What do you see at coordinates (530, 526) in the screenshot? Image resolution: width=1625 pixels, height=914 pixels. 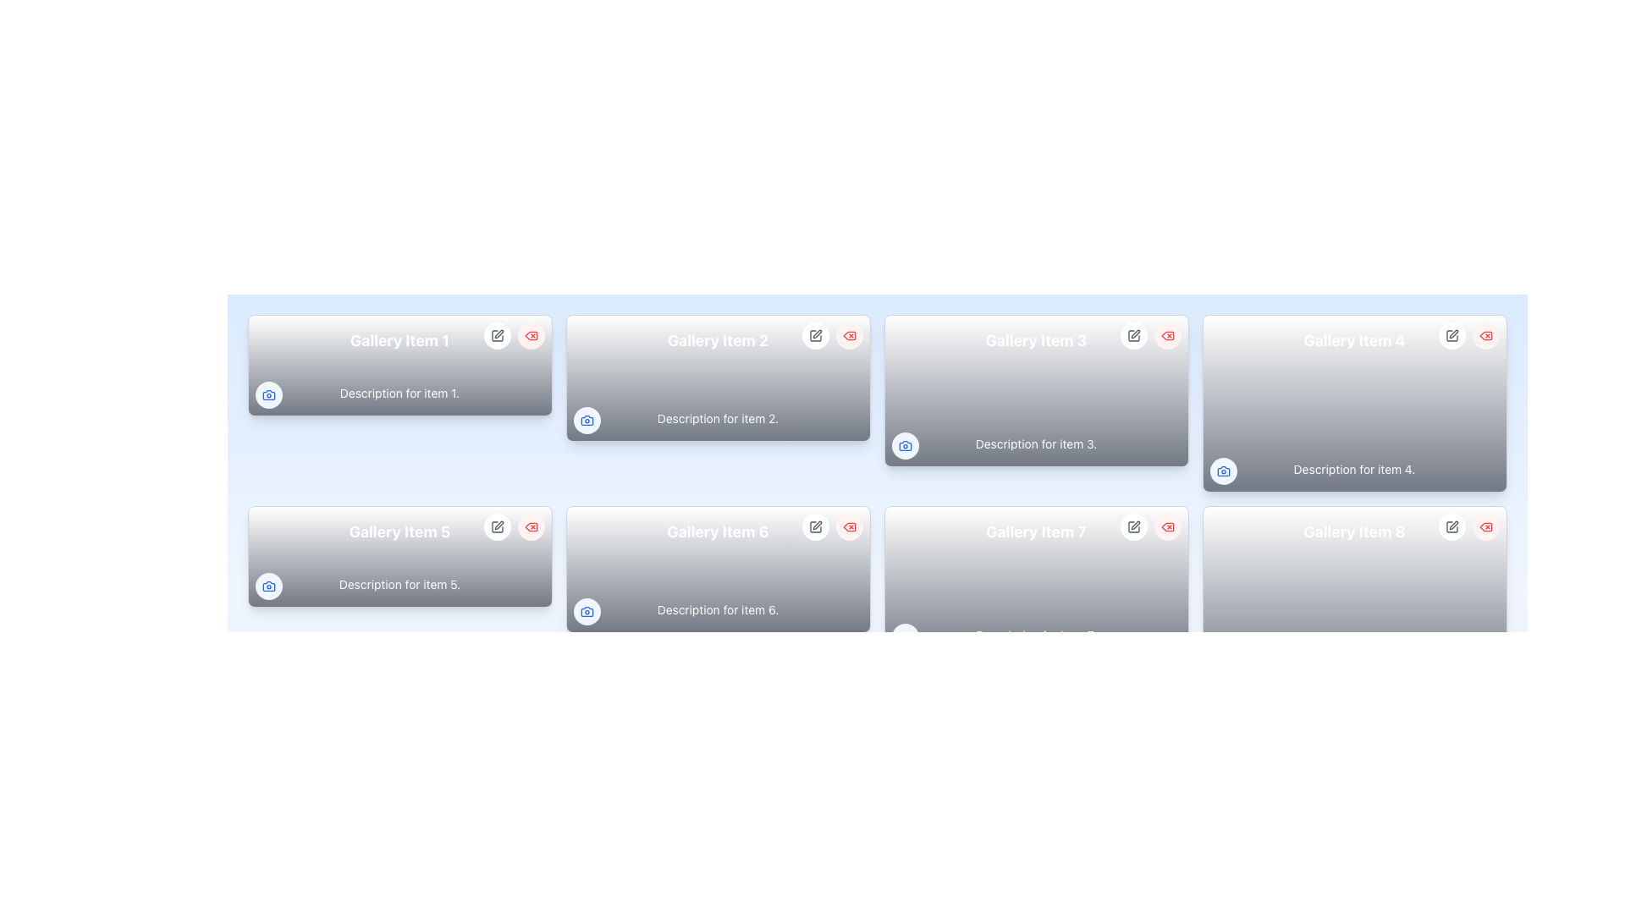 I see `the delete button located in the top-right corner of the card labeled 'Gallery Item 5' to trigger the tooltip or hover effect` at bounding box center [530, 526].